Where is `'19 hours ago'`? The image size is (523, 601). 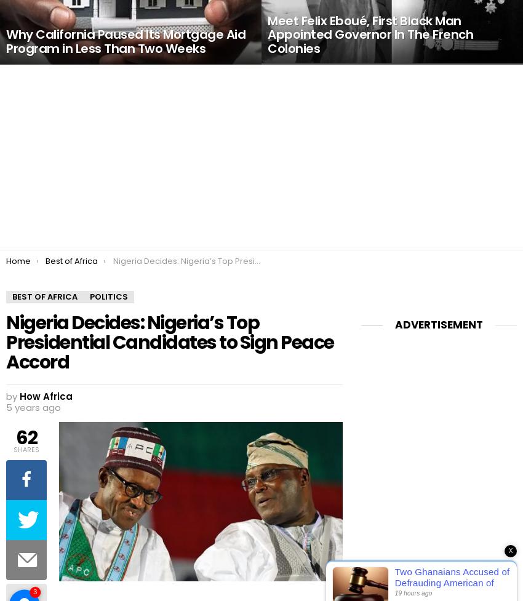 '19 hours ago' is located at coordinates (413, 592).